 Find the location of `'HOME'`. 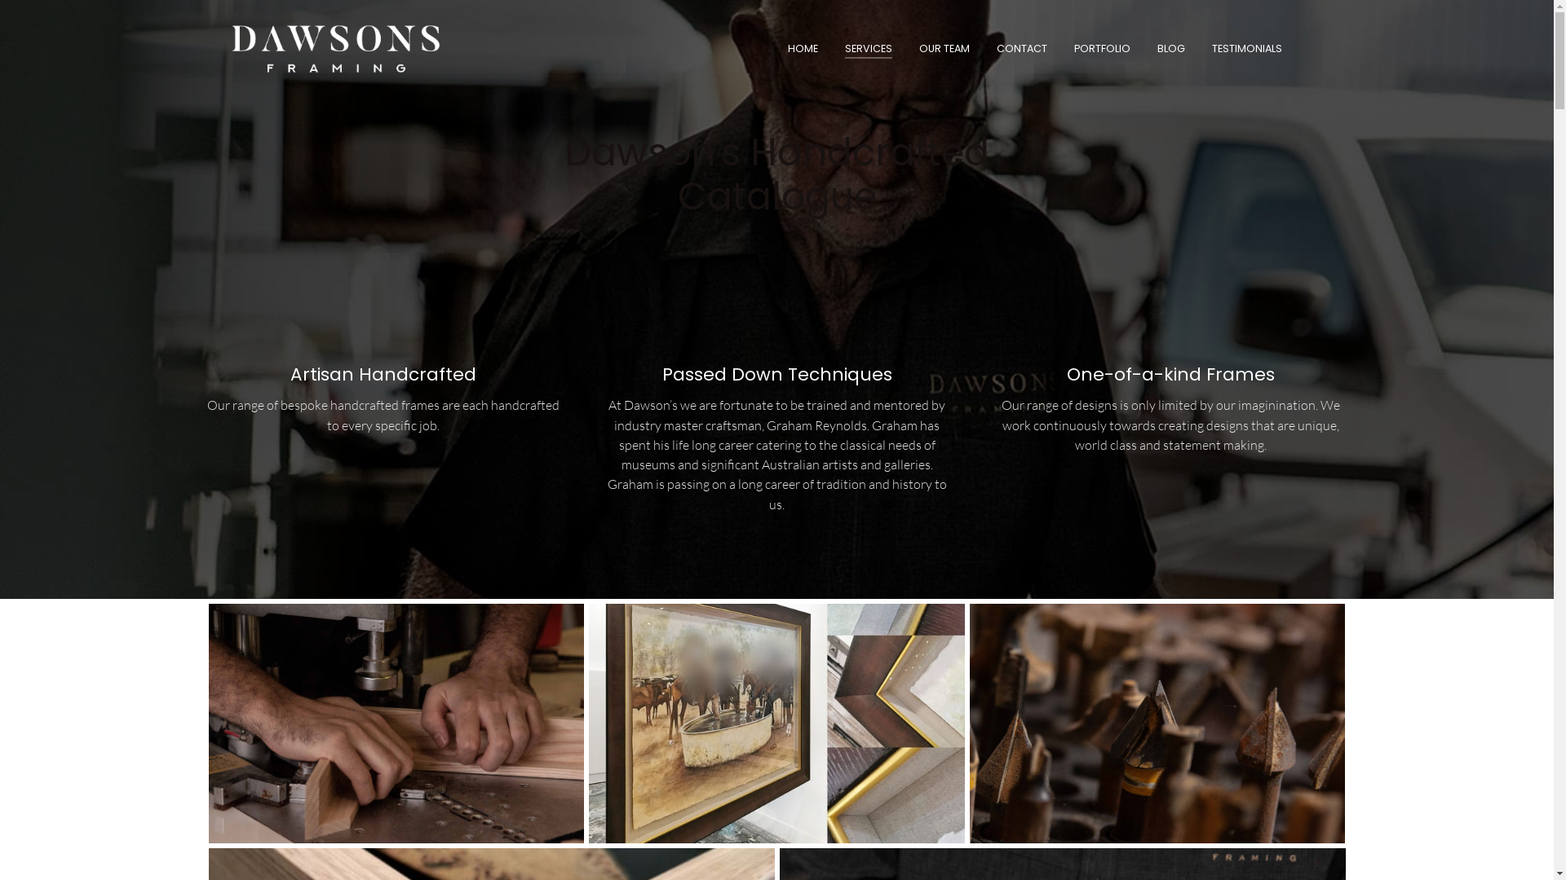

'HOME' is located at coordinates (795, 48).